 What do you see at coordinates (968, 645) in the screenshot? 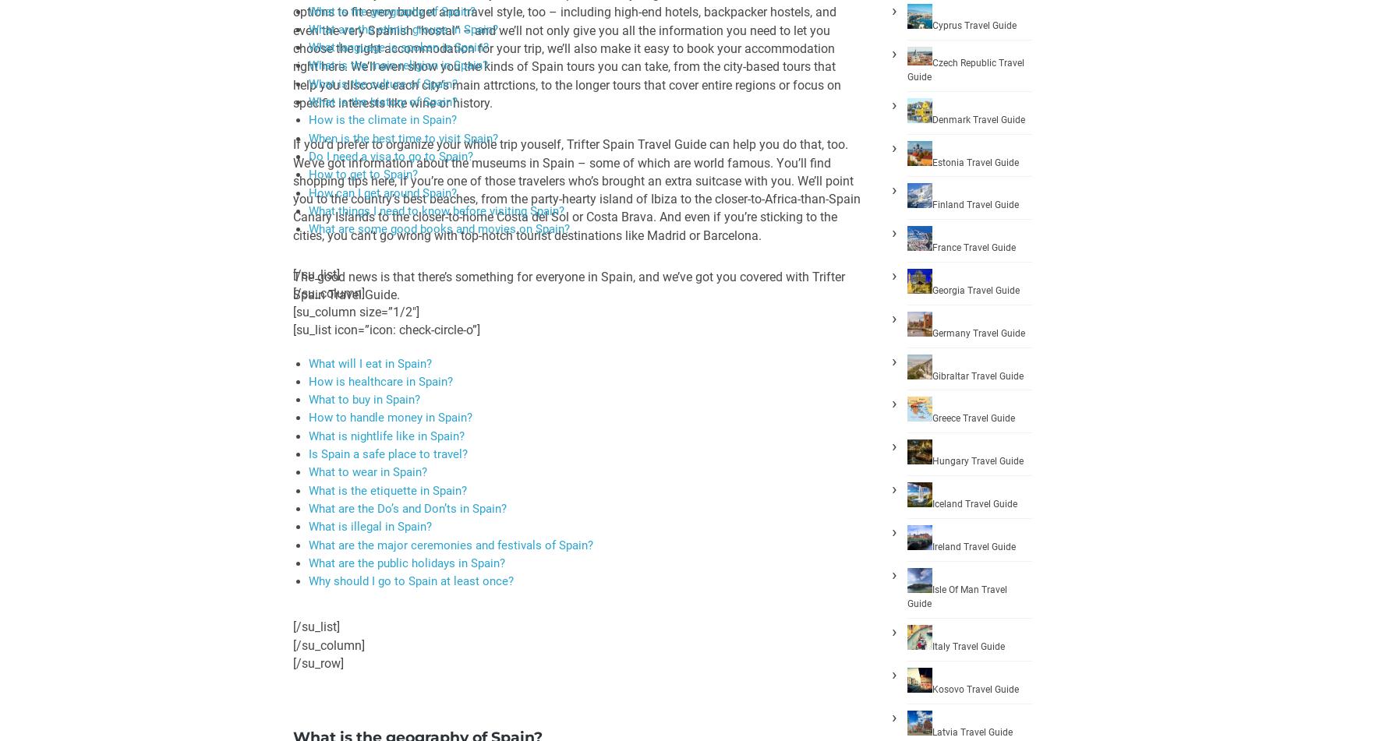
I see `'Italy Travel Guide'` at bounding box center [968, 645].